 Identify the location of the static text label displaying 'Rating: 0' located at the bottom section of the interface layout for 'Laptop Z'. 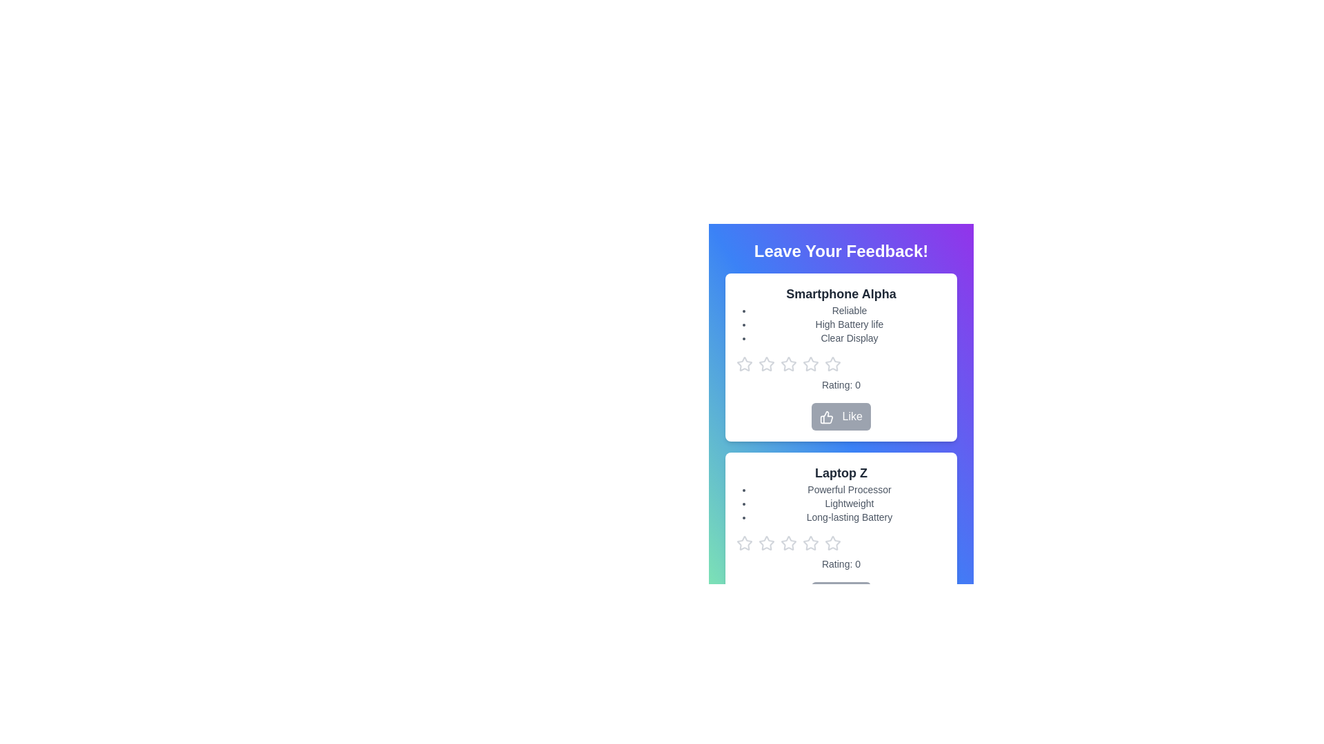
(840, 564).